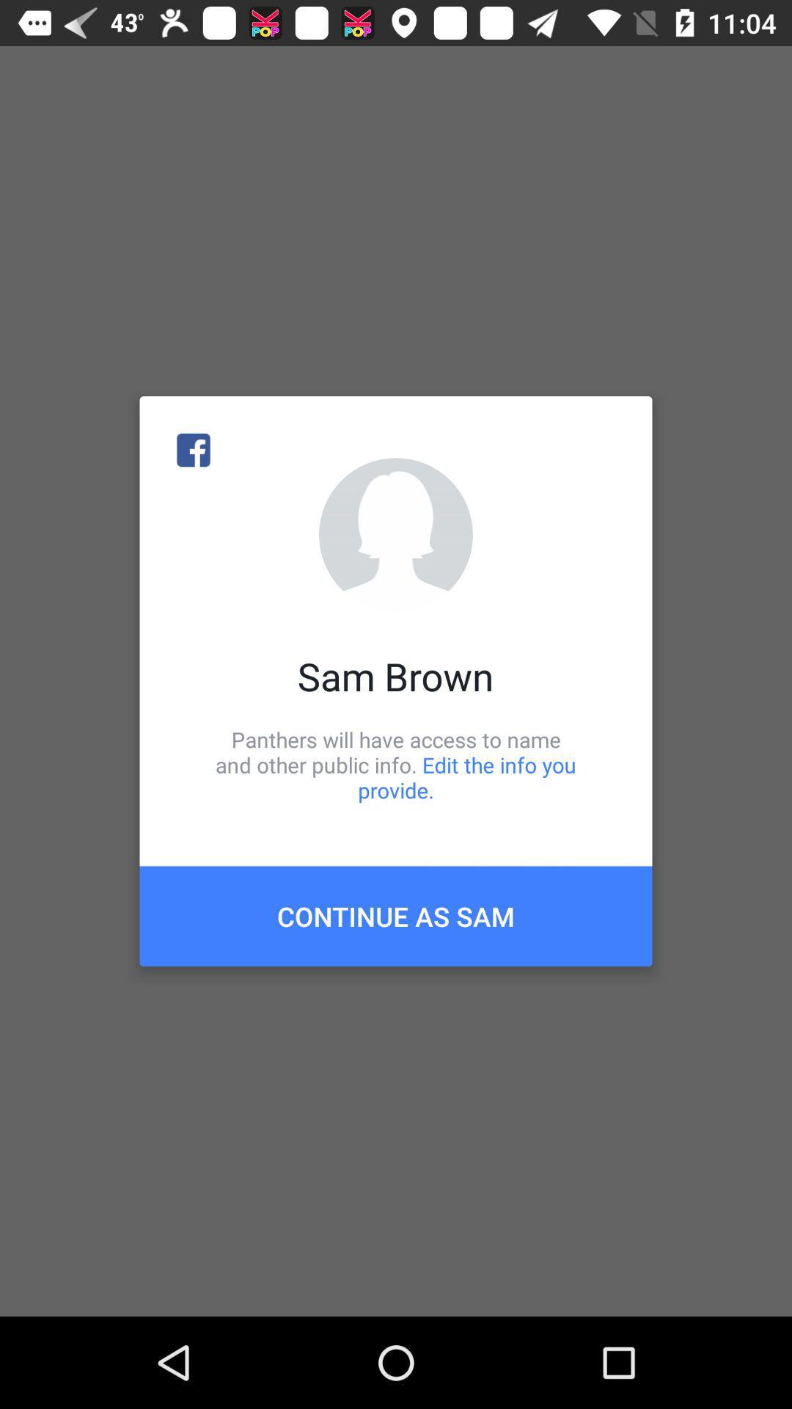  What do you see at coordinates (396, 764) in the screenshot?
I see `panthers will have` at bounding box center [396, 764].